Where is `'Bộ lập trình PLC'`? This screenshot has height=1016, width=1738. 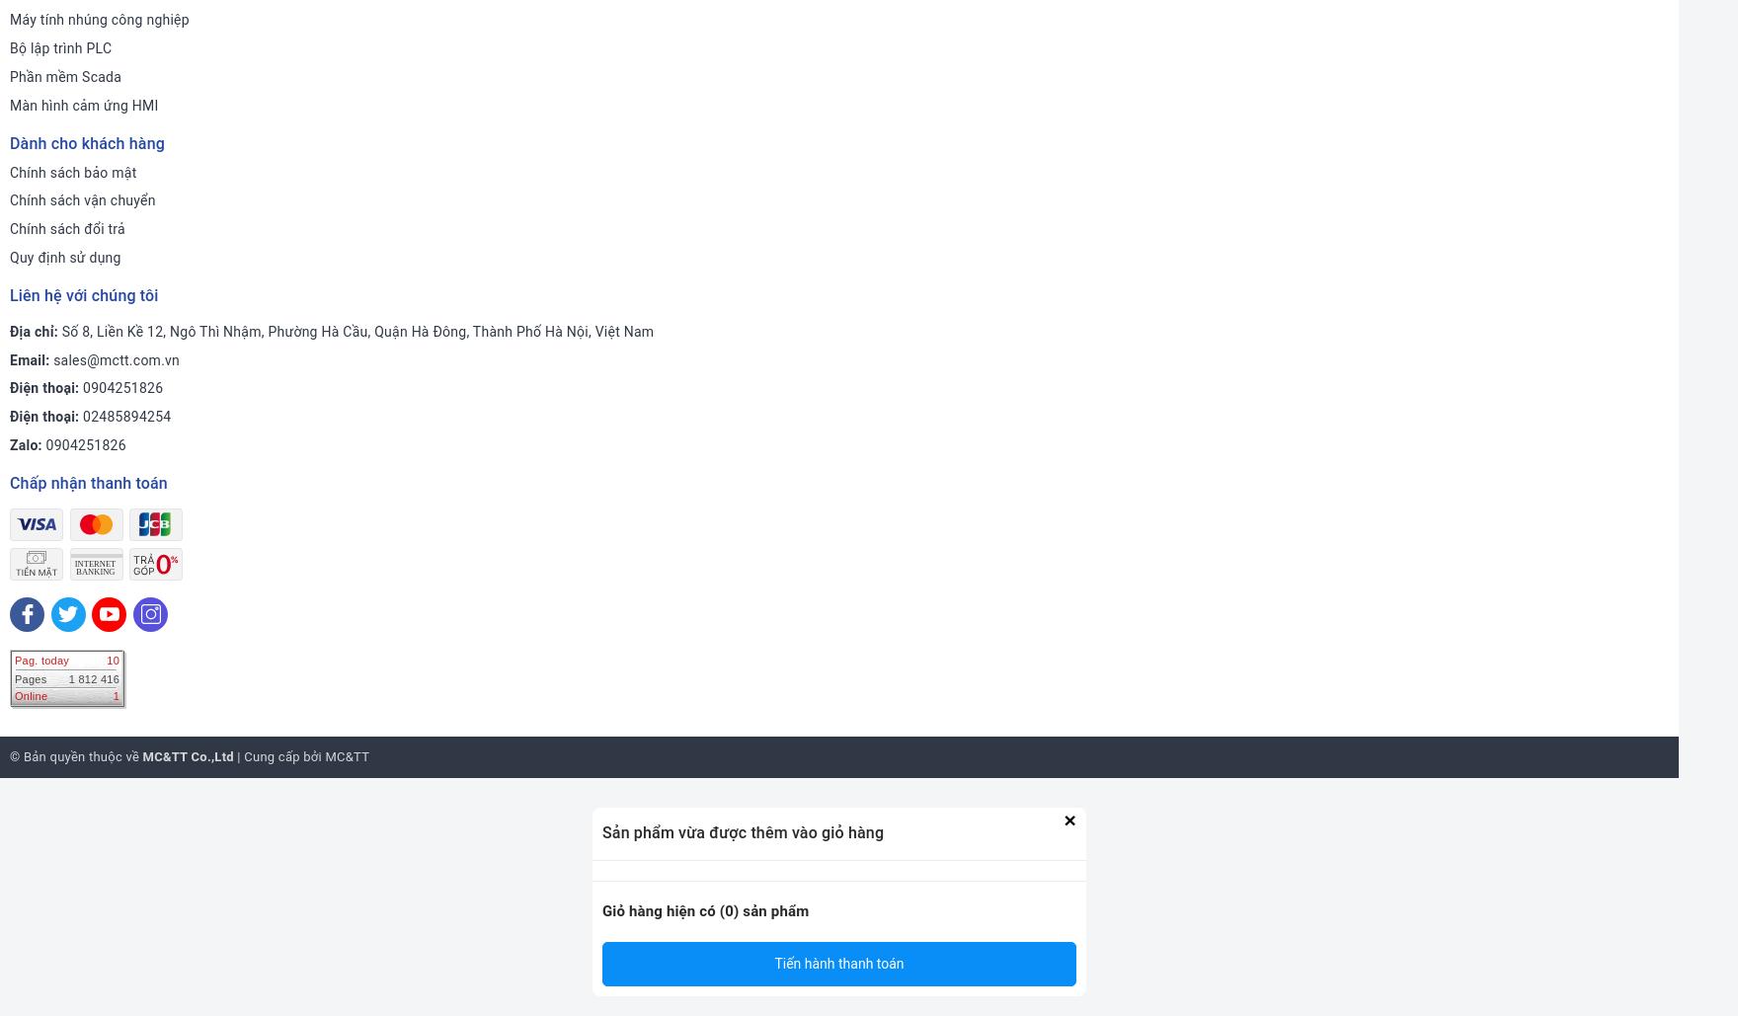
'Bộ lập trình PLC' is located at coordinates (60, 47).